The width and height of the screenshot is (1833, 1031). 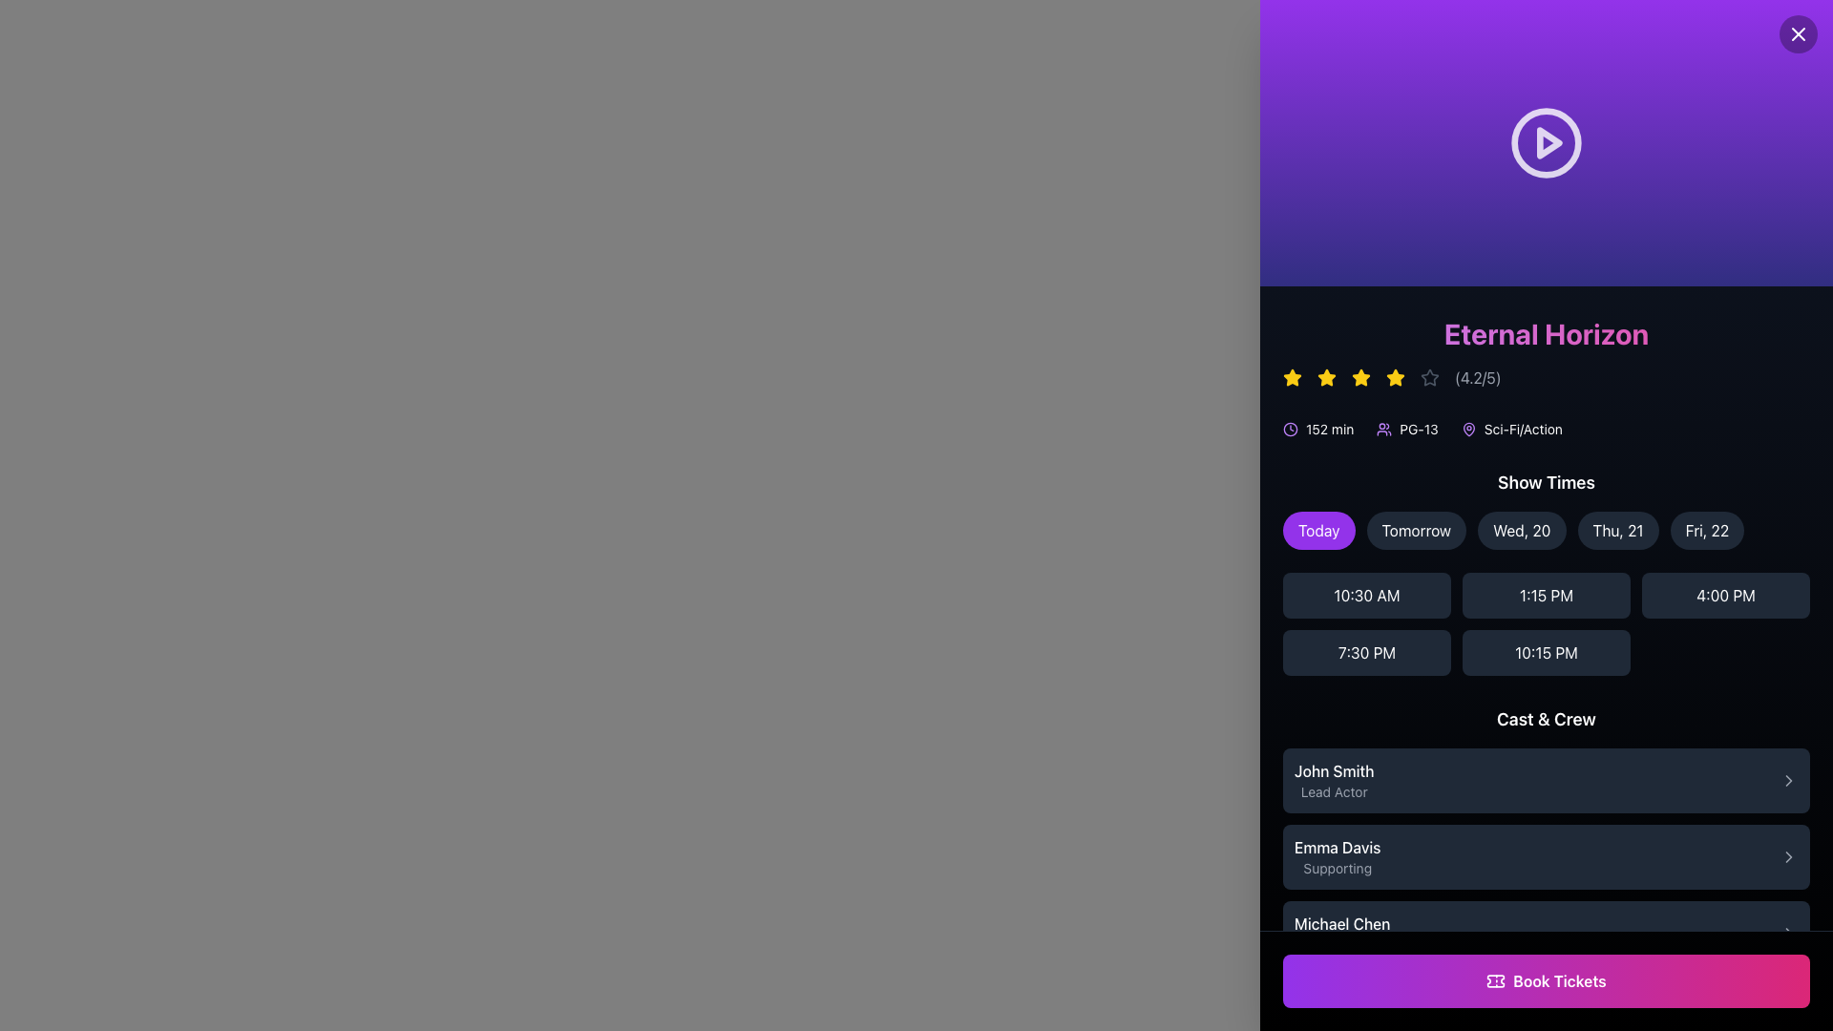 What do you see at coordinates (1291, 430) in the screenshot?
I see `the central part of the clock icon graphic, which is represented by a circle within an SVG, located at the top right of the interface` at bounding box center [1291, 430].